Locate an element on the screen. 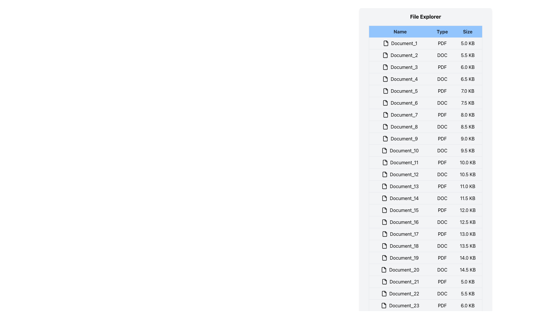 The height and width of the screenshot is (314, 558). text label displaying '12.5 KB', which is the last element in the row for 'Document_16' and is part of the file size column is located at coordinates (468, 222).